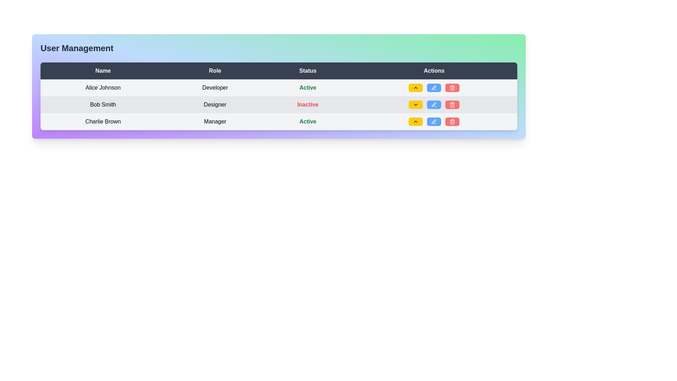 This screenshot has height=381, width=677. What do you see at coordinates (416, 121) in the screenshot?
I see `the yellow button with a black upward-pointing chevron symbol located in the 'Actions' column for 'Charlie Brown', positioned above the edit and delete buttons` at bounding box center [416, 121].